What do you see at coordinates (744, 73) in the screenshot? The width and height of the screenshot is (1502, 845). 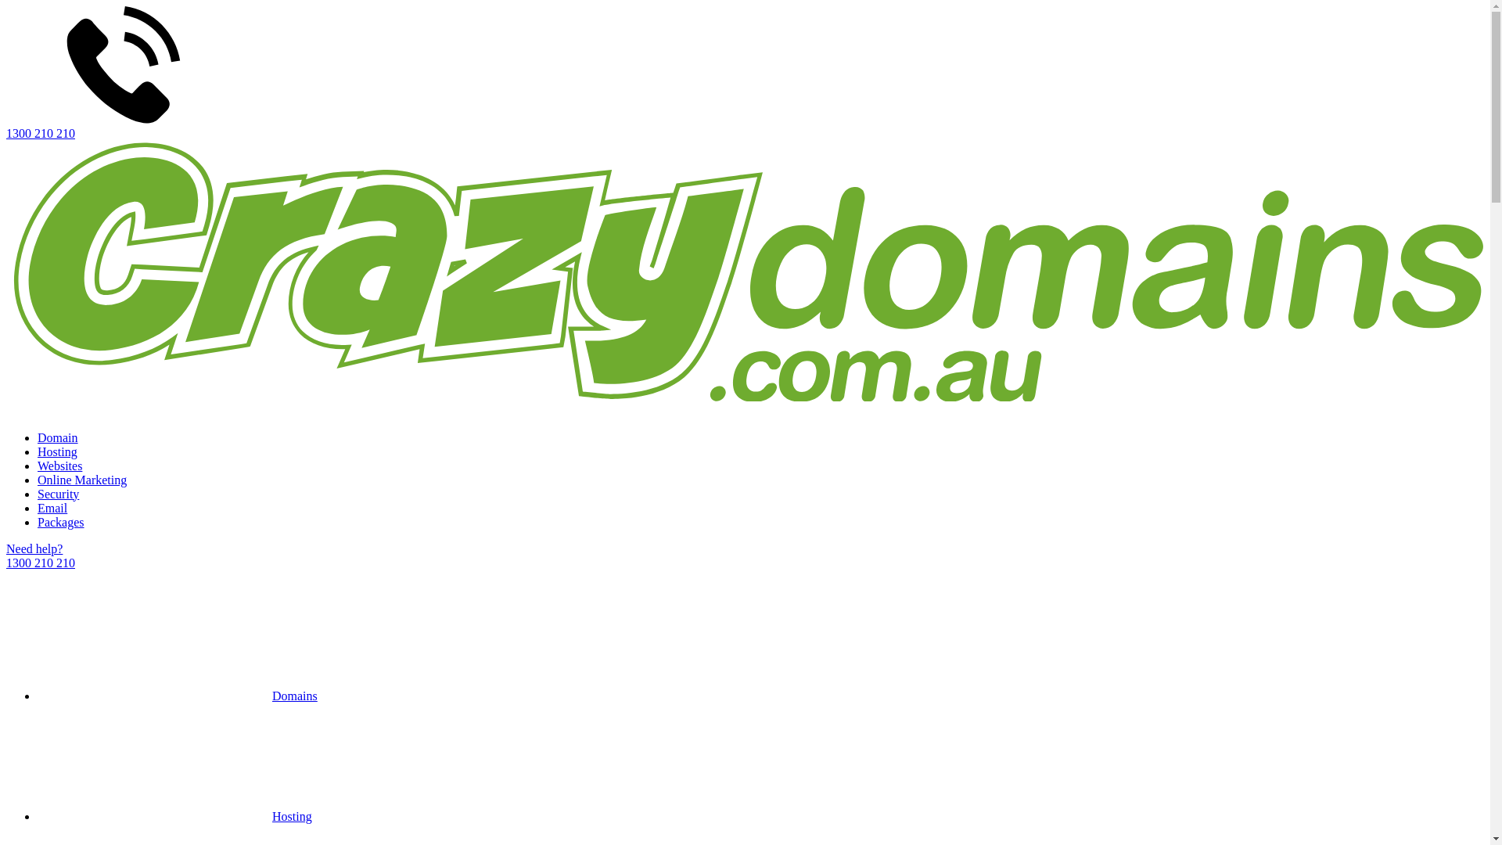 I see `'1300 210 210'` at bounding box center [744, 73].